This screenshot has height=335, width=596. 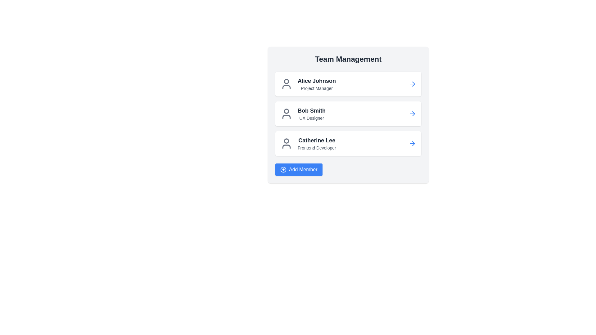 I want to click on the 'Project Manager' text label, which is a smaller gray text located below 'Alice Johnson' in the 'Team Management' section, so click(x=317, y=88).